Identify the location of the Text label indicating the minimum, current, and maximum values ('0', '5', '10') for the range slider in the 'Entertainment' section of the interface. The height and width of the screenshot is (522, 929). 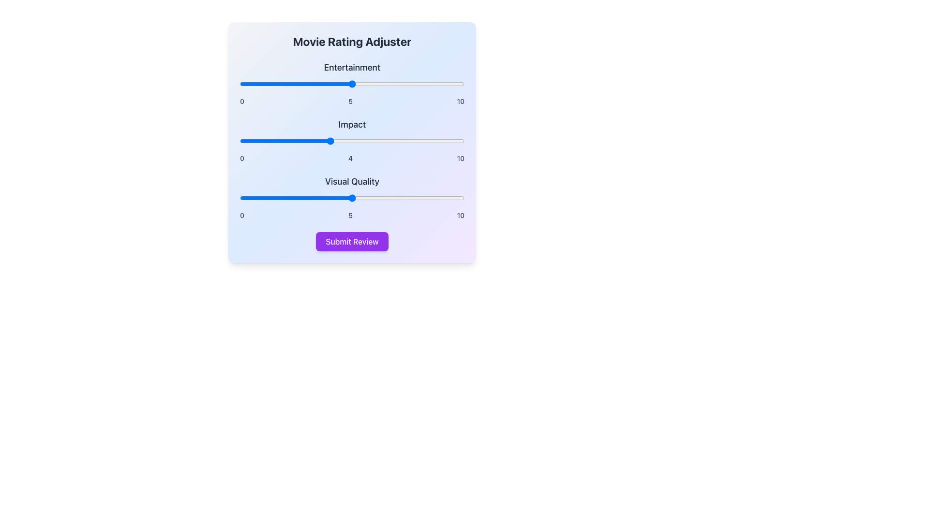
(352, 101).